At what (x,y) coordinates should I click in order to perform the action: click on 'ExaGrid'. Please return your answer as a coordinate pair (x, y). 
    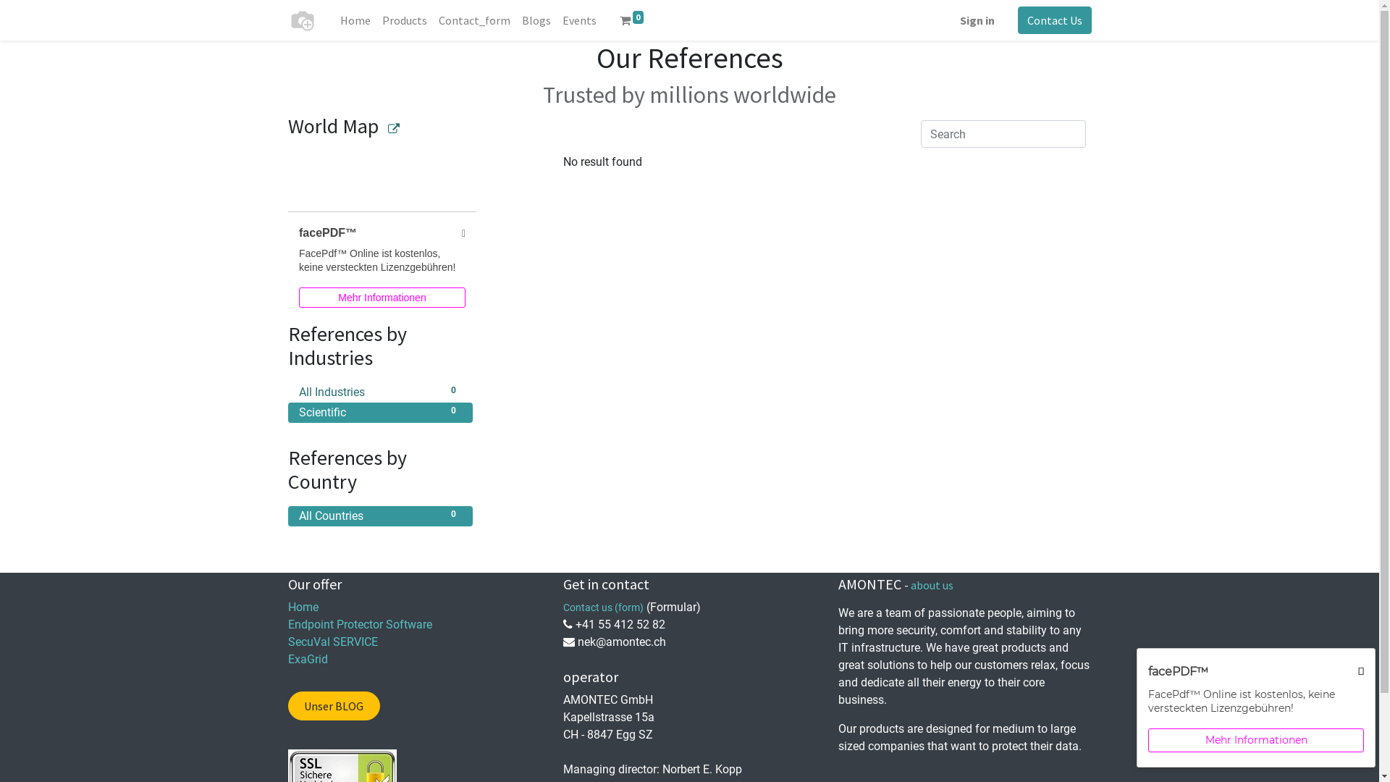
    Looking at the image, I should click on (307, 659).